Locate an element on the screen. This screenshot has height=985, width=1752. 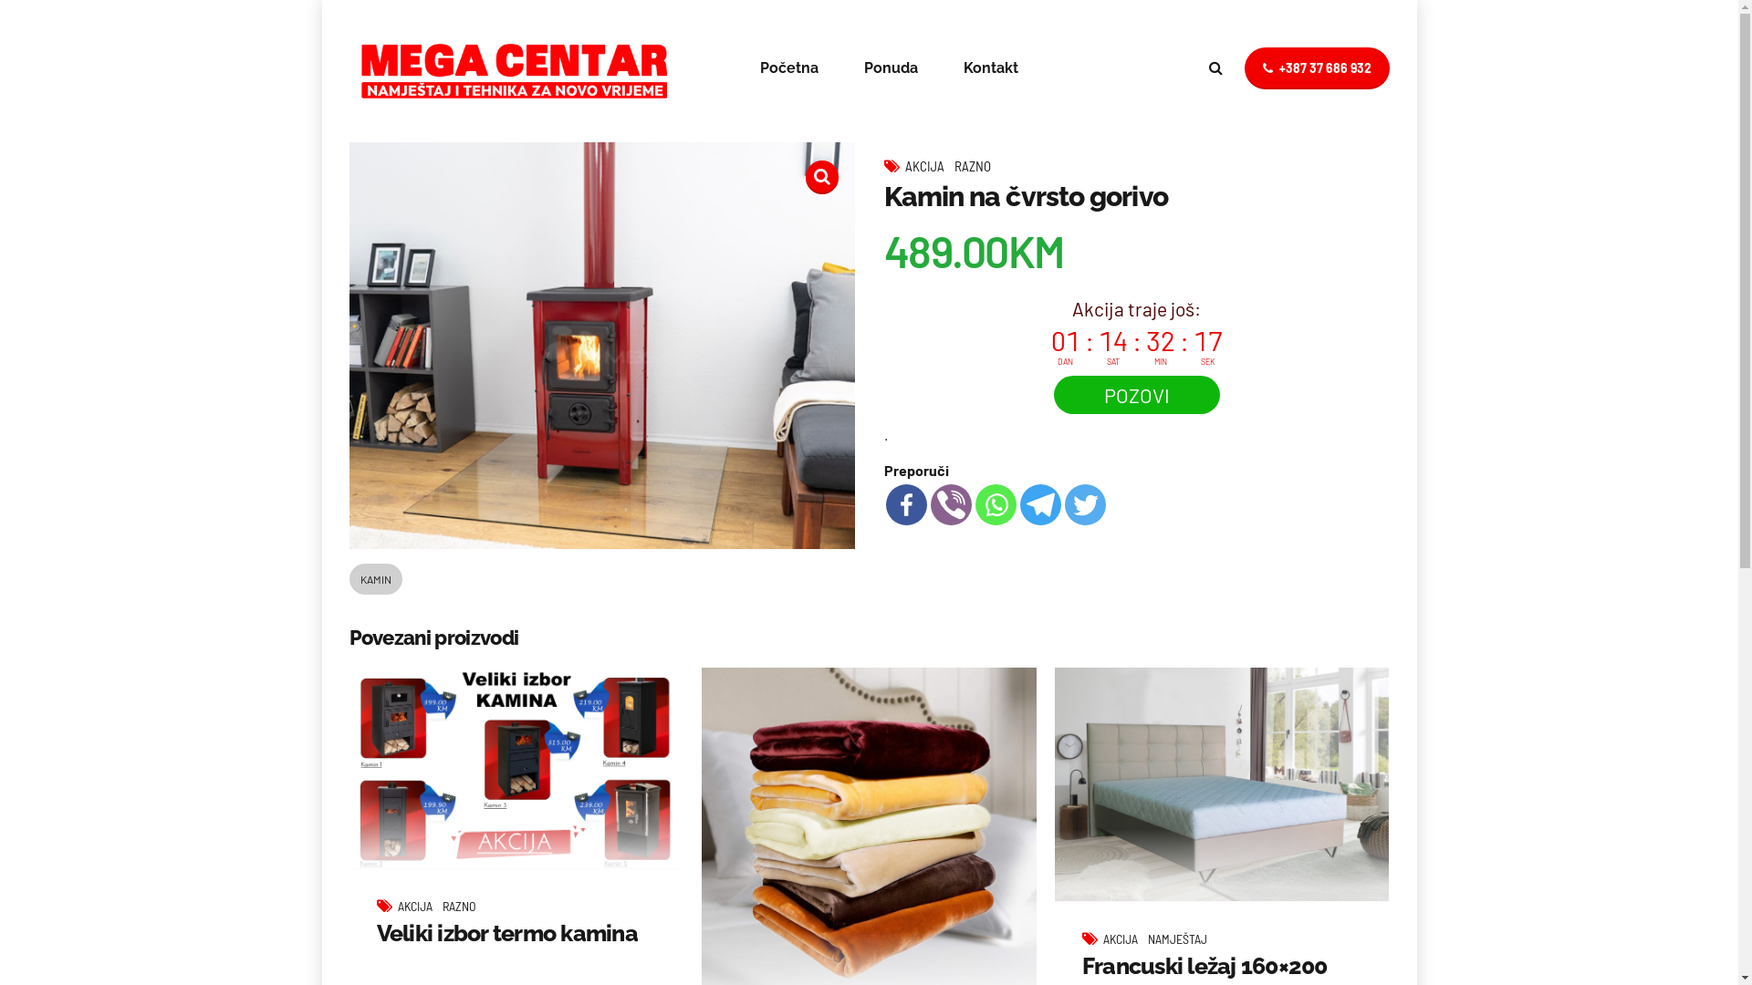
'Viber' is located at coordinates (930, 504).